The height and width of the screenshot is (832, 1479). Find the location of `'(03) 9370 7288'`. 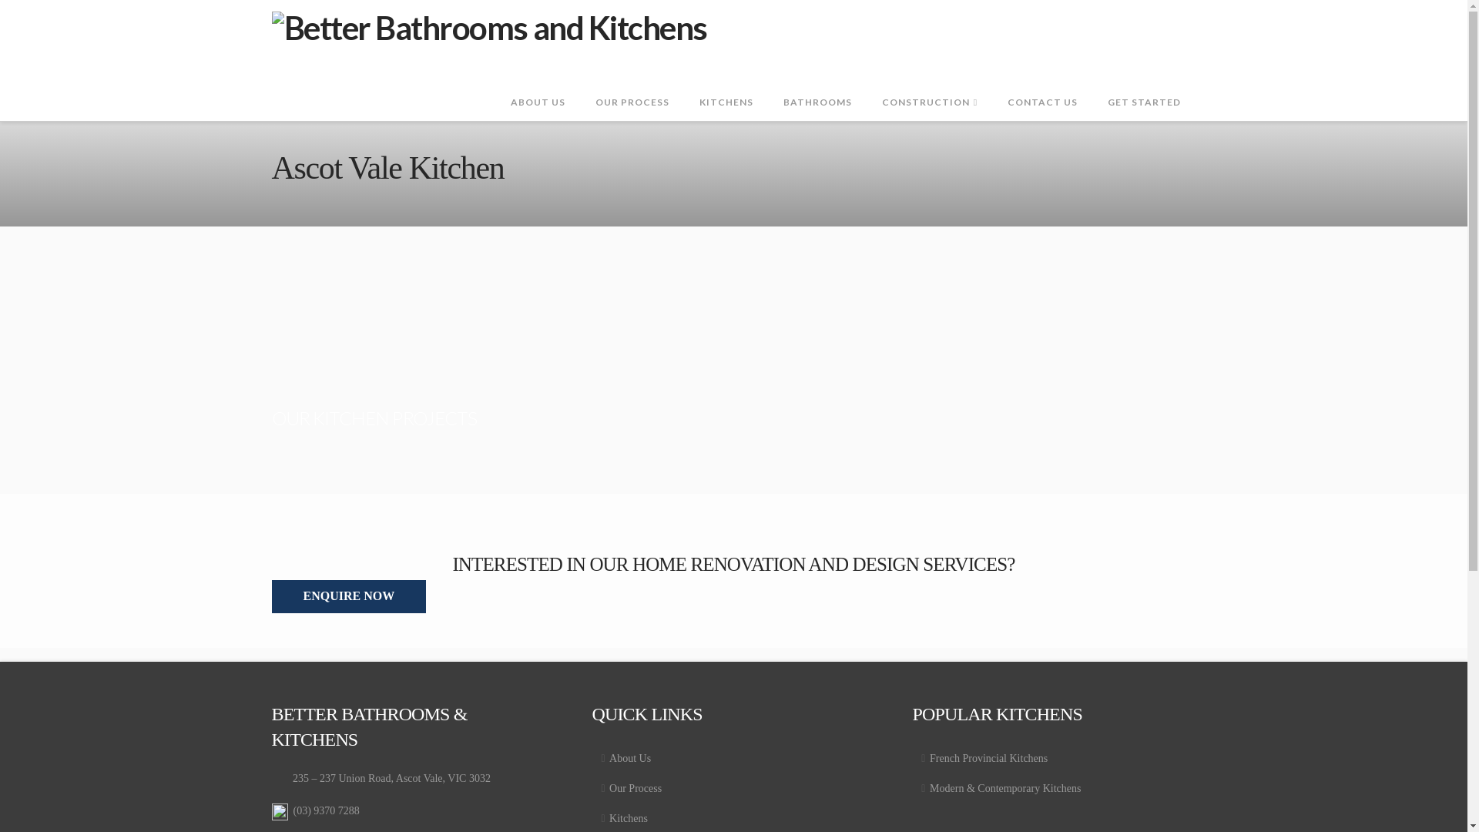

'(03) 9370 7288' is located at coordinates (292, 810).